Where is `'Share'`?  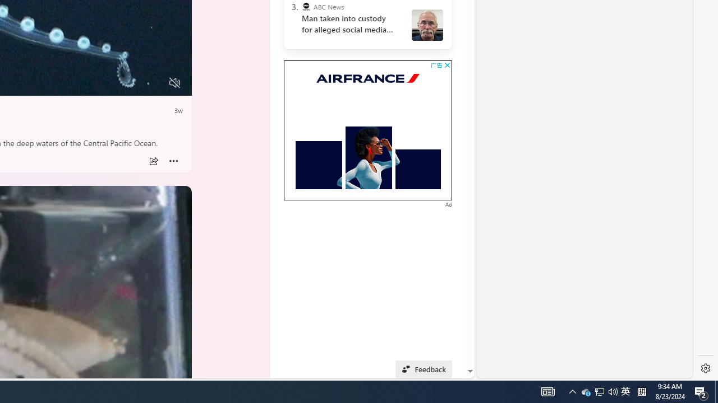
'Share' is located at coordinates (153, 161).